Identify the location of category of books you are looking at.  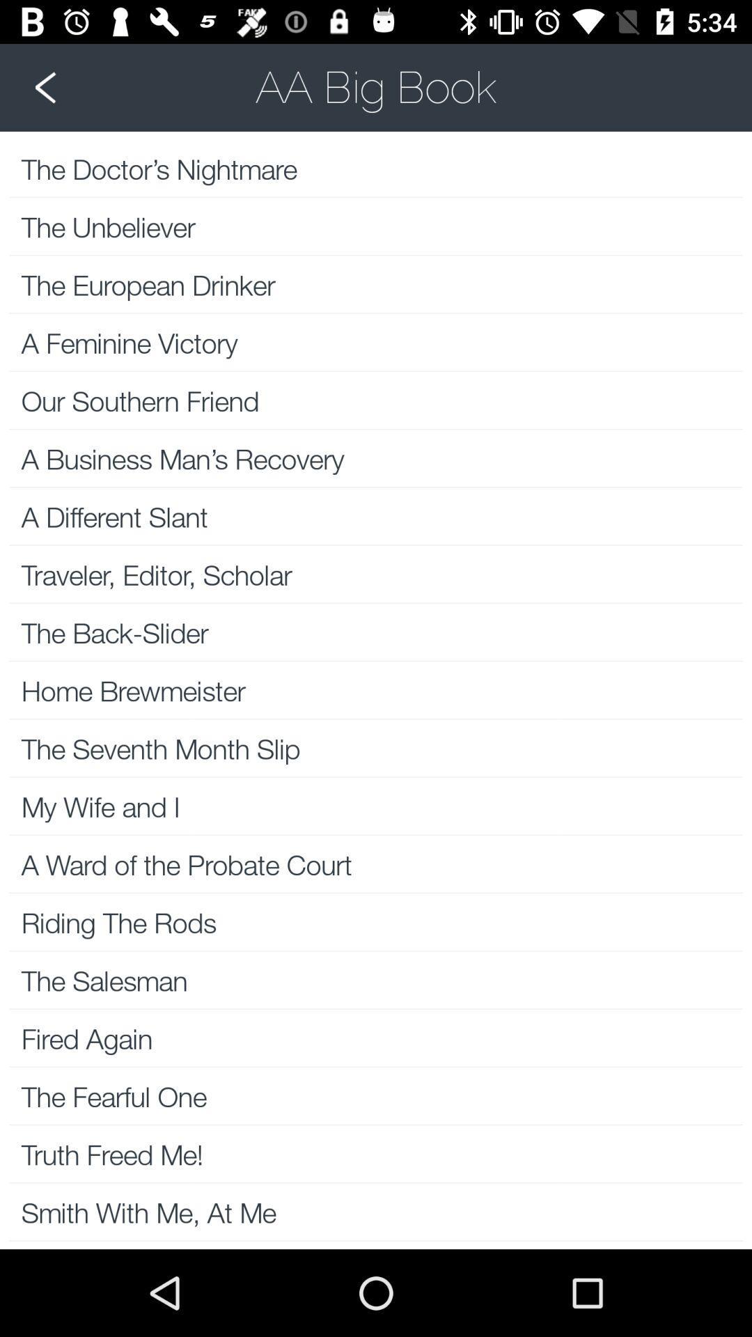
(376, 86).